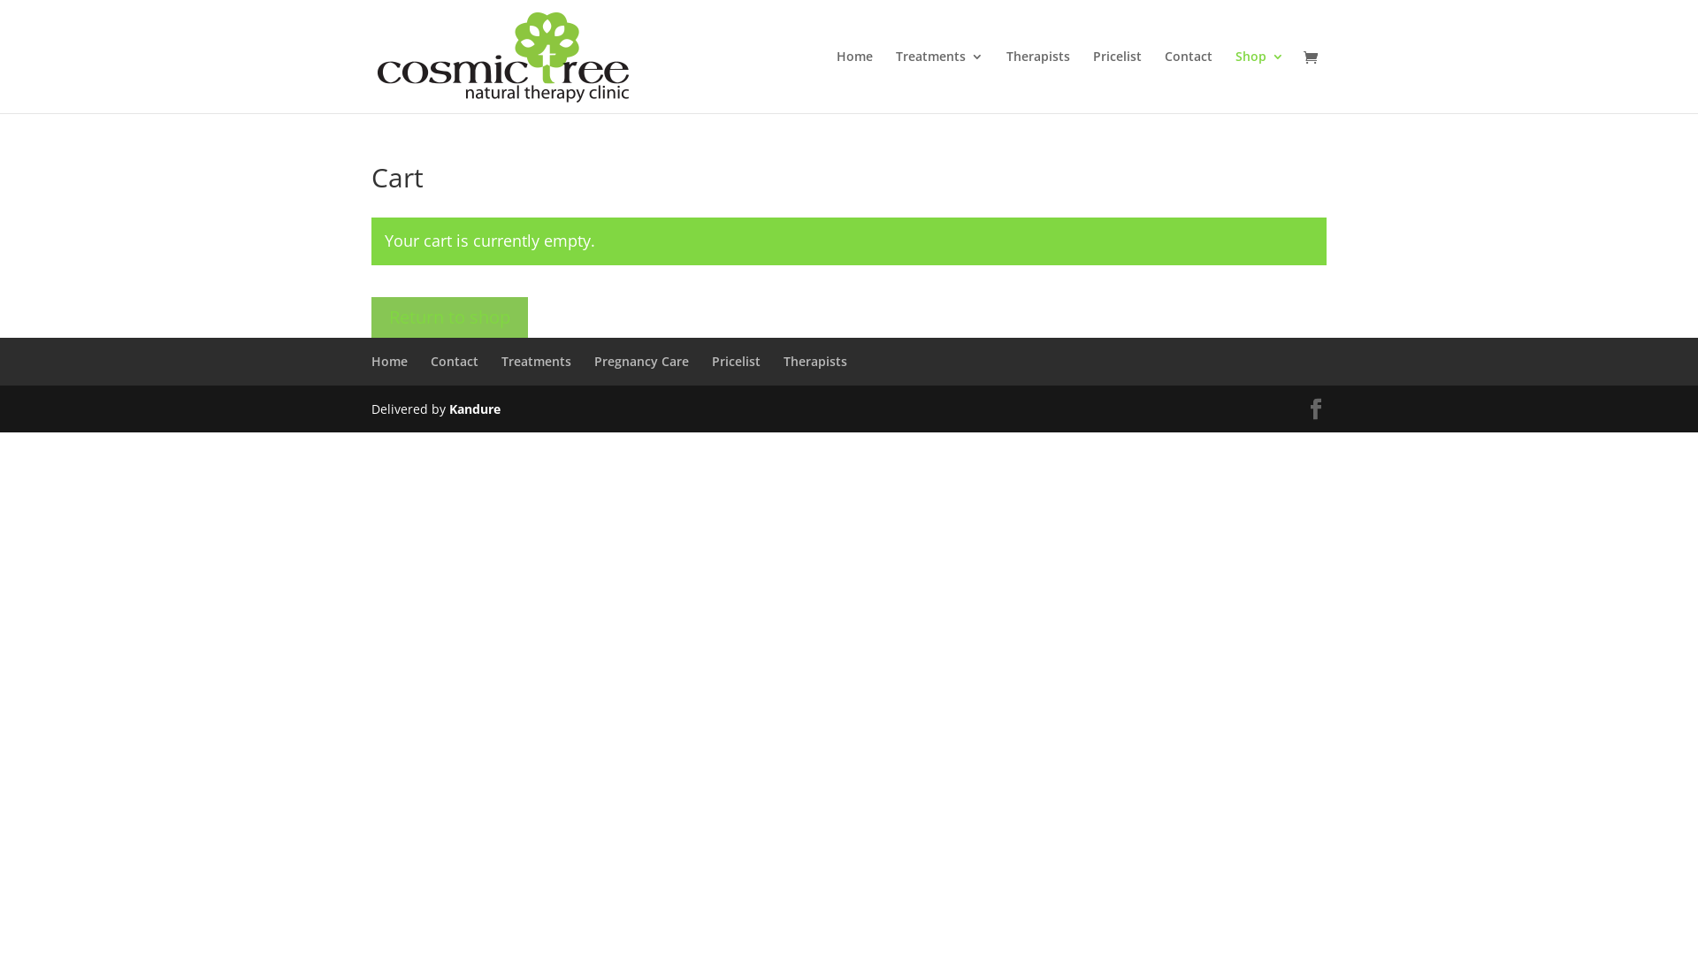  What do you see at coordinates (449, 316) in the screenshot?
I see `'Return to shop'` at bounding box center [449, 316].